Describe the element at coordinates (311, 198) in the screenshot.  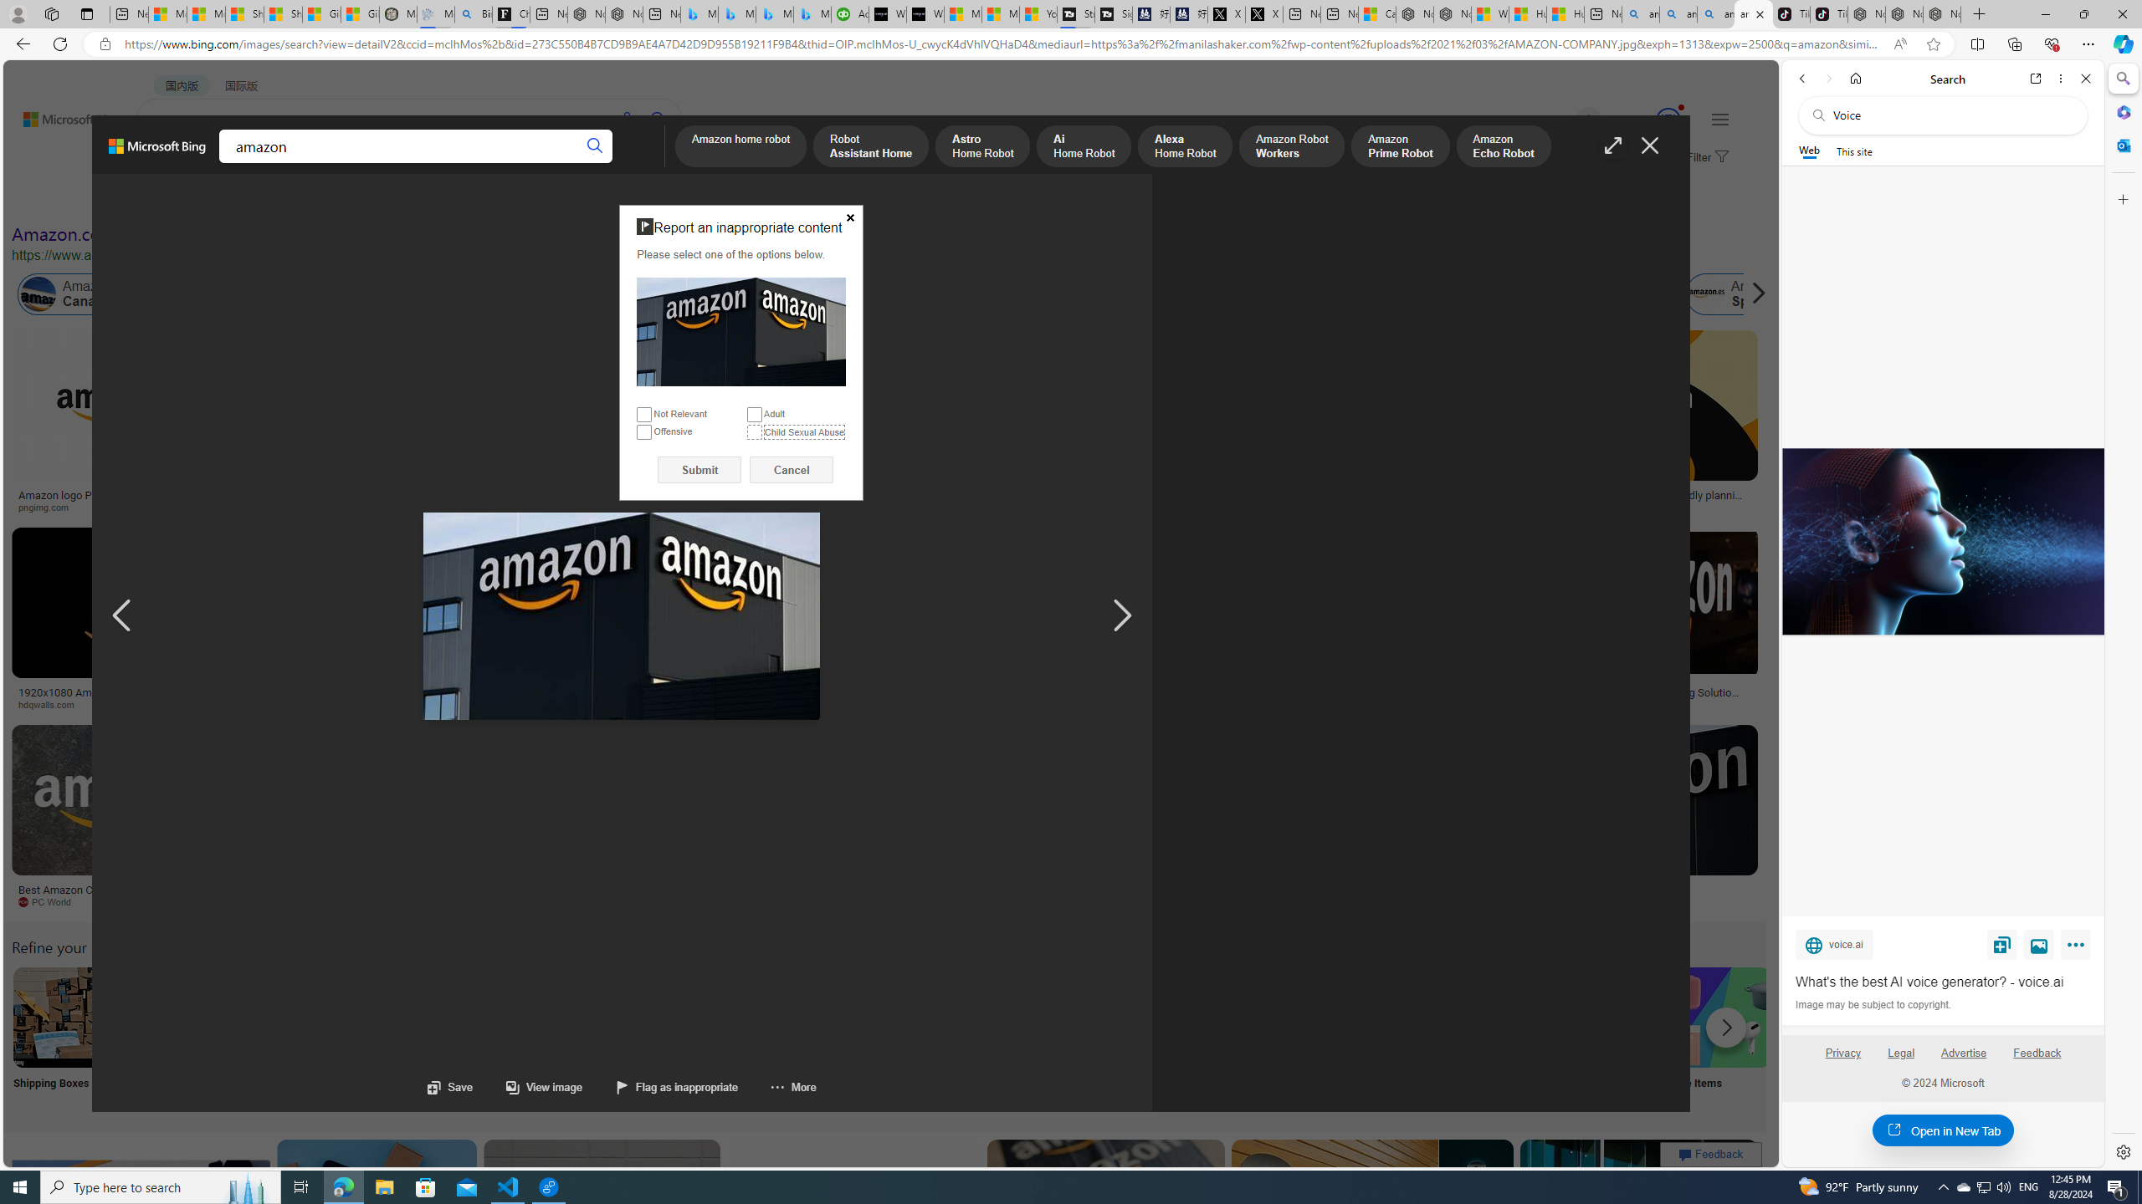
I see `'Type'` at that location.